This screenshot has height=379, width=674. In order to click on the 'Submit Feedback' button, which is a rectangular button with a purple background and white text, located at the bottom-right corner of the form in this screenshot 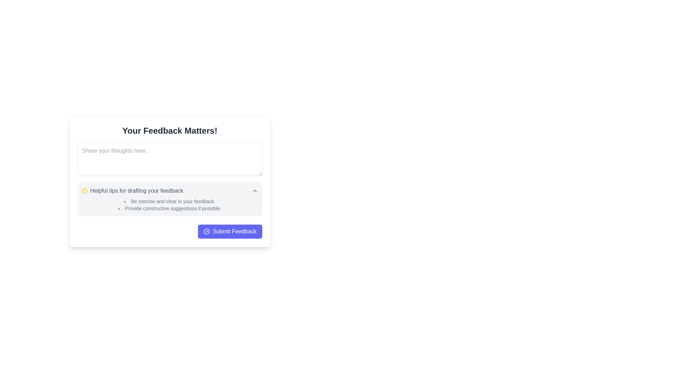, I will do `click(230, 231)`.